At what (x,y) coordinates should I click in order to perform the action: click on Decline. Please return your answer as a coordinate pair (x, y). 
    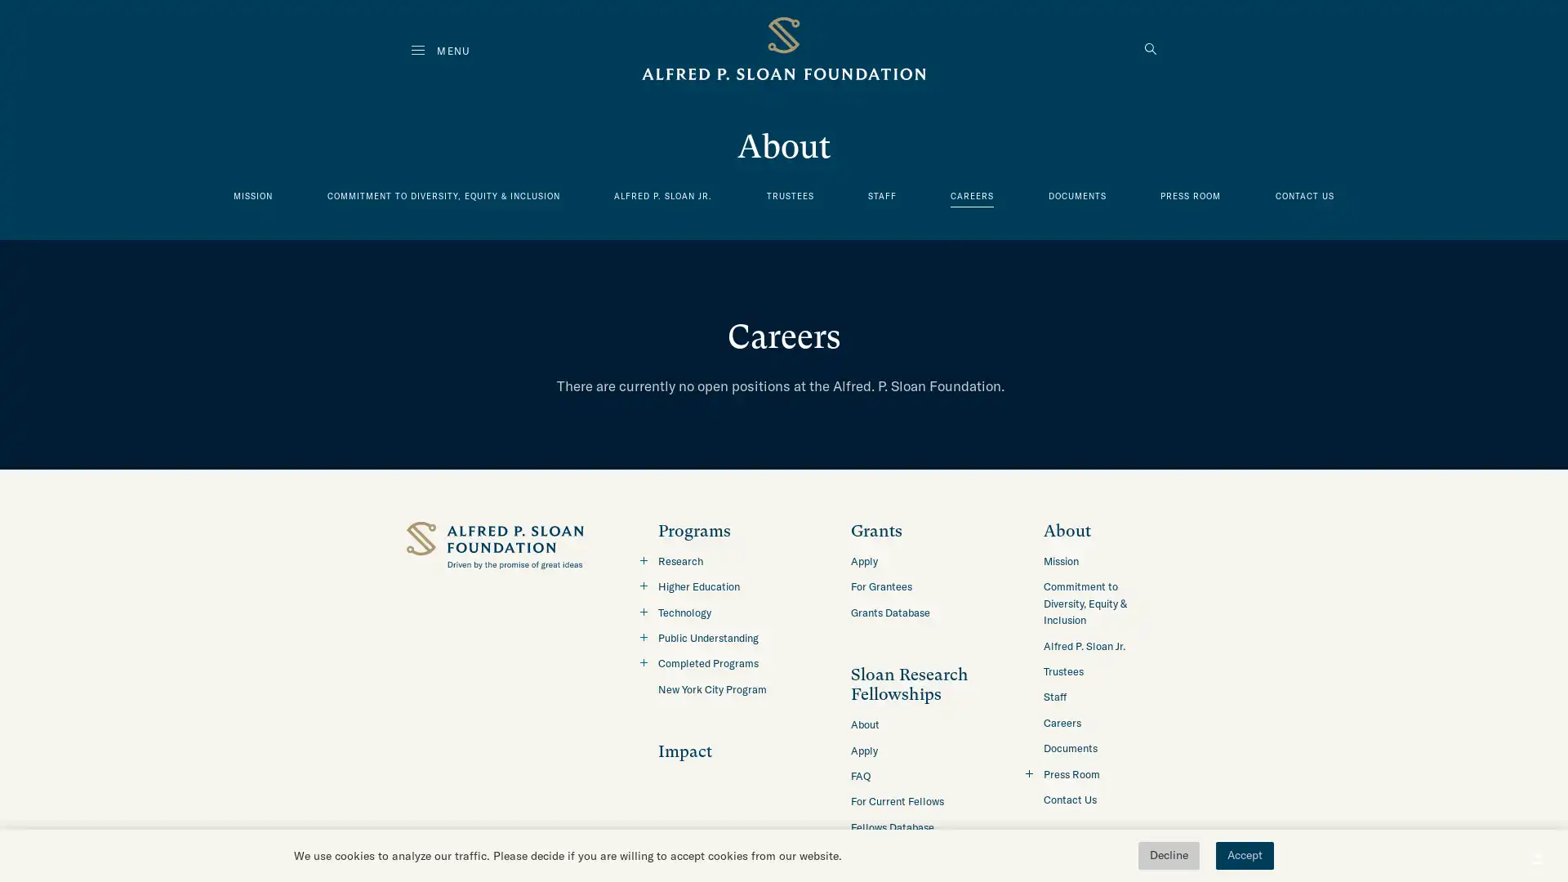
    Looking at the image, I should click on (1168, 855).